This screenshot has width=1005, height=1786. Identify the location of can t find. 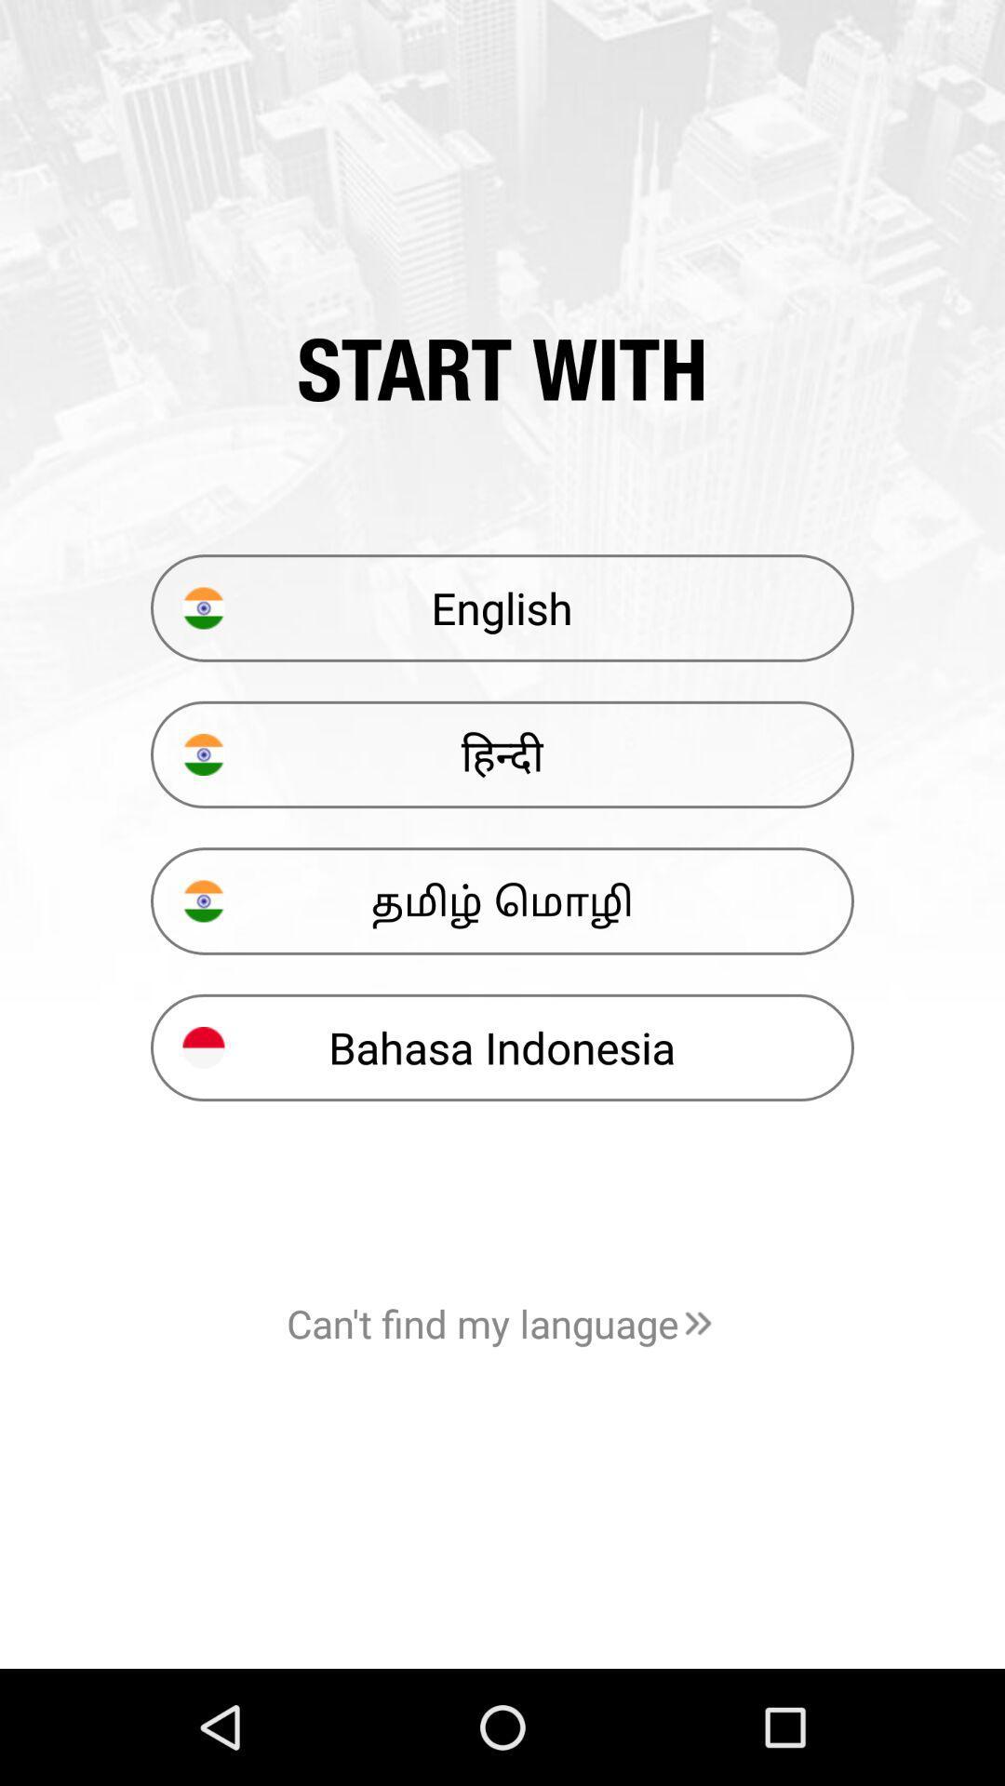
(502, 1322).